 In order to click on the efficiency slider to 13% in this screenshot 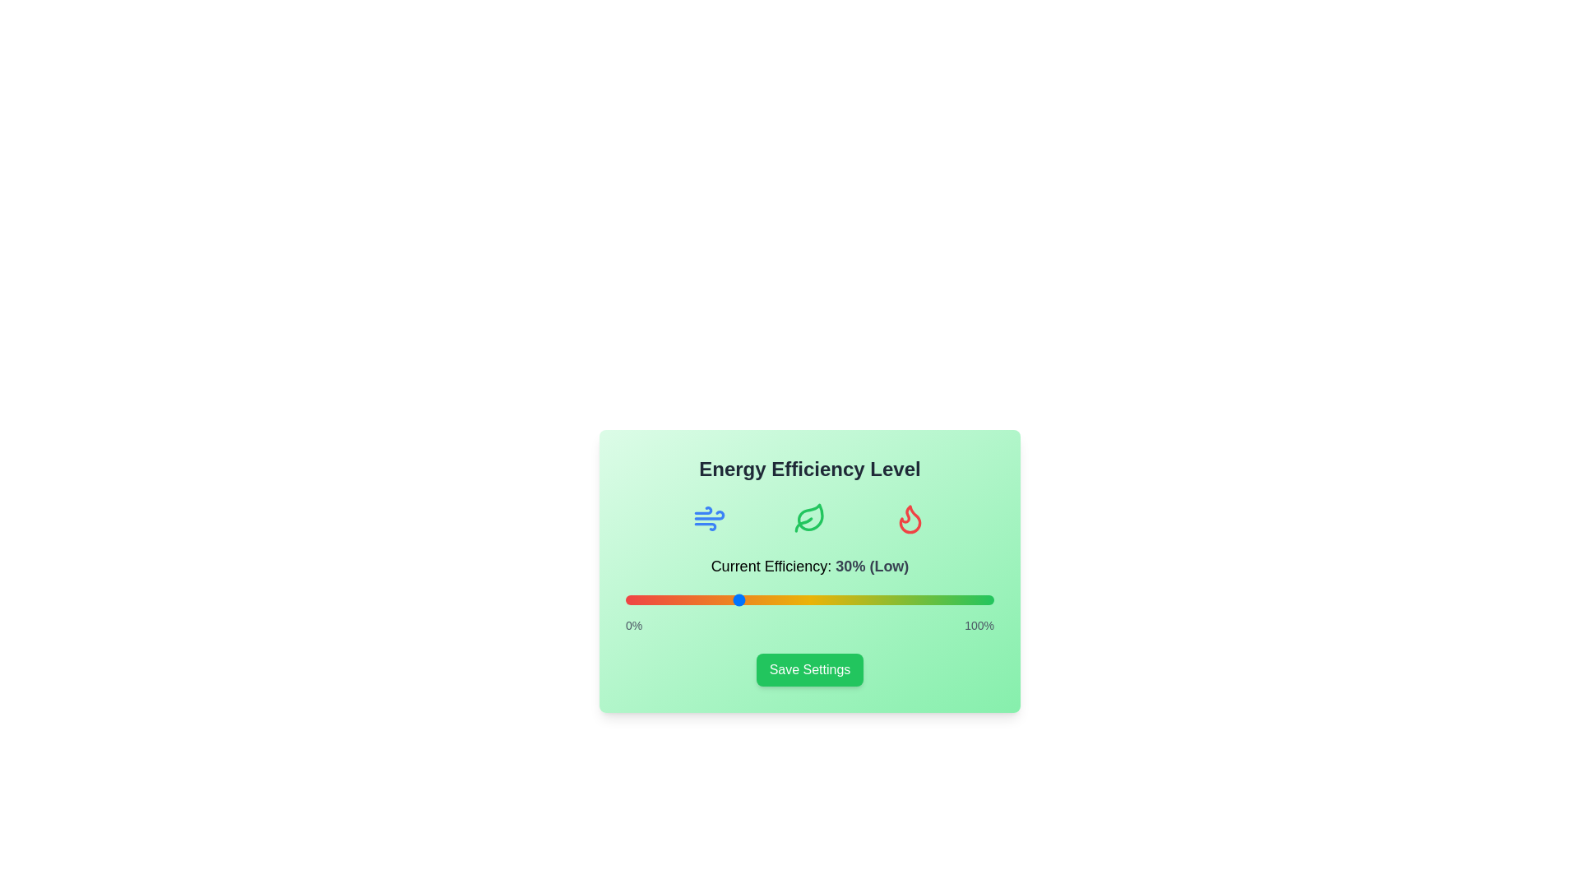, I will do `click(674, 599)`.